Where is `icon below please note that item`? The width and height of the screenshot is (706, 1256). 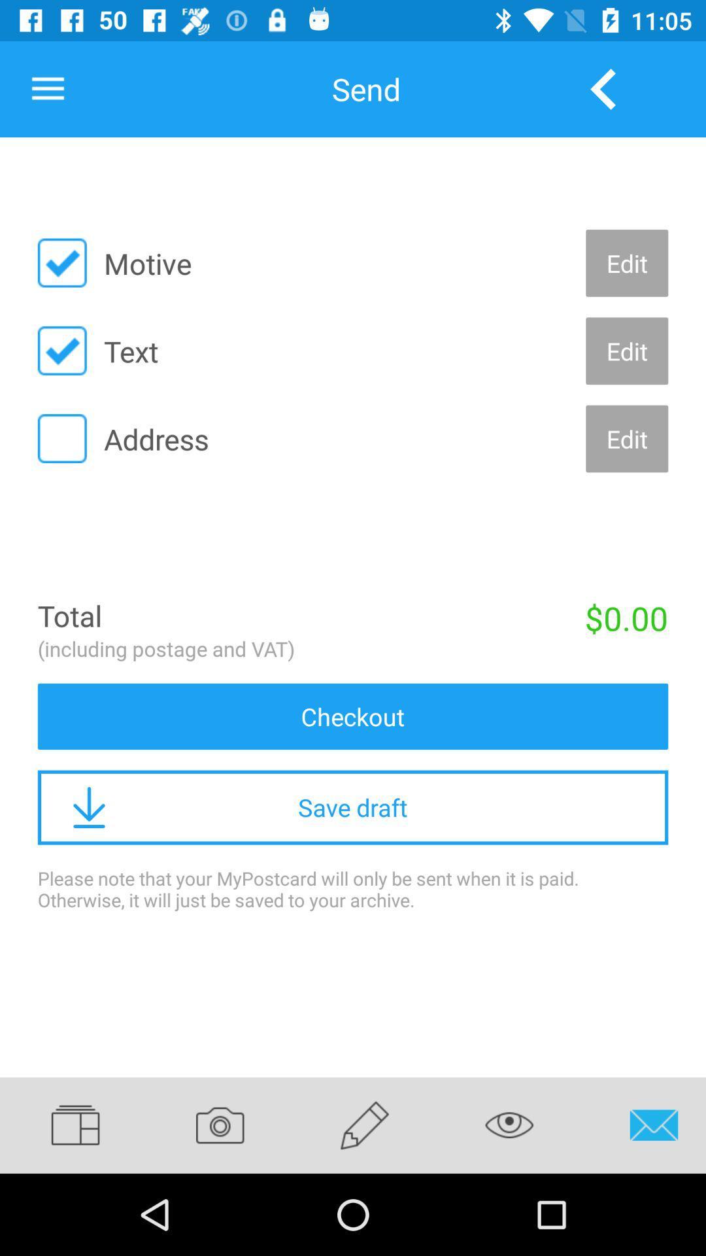 icon below please note that item is located at coordinates (509, 1125).